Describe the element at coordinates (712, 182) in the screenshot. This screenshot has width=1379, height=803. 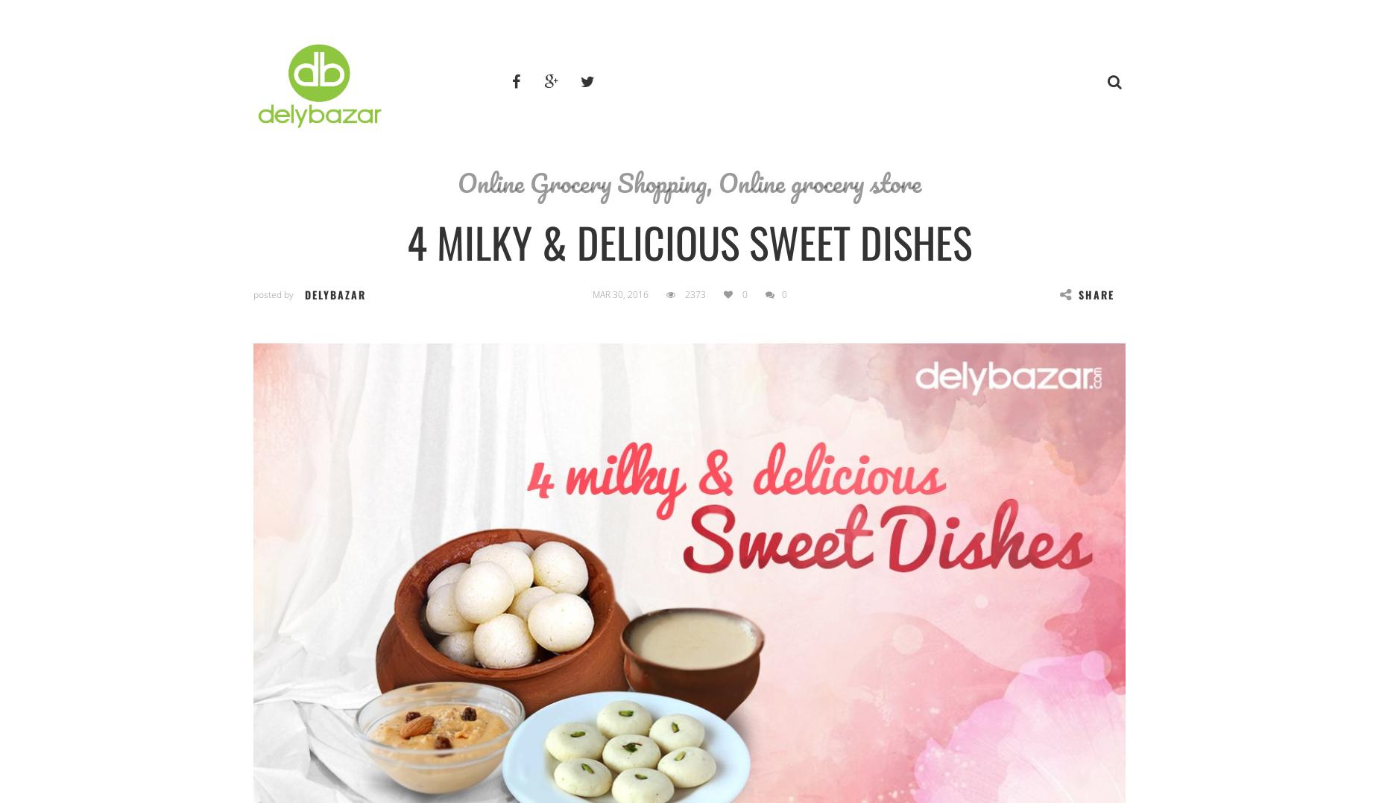
I see `','` at that location.